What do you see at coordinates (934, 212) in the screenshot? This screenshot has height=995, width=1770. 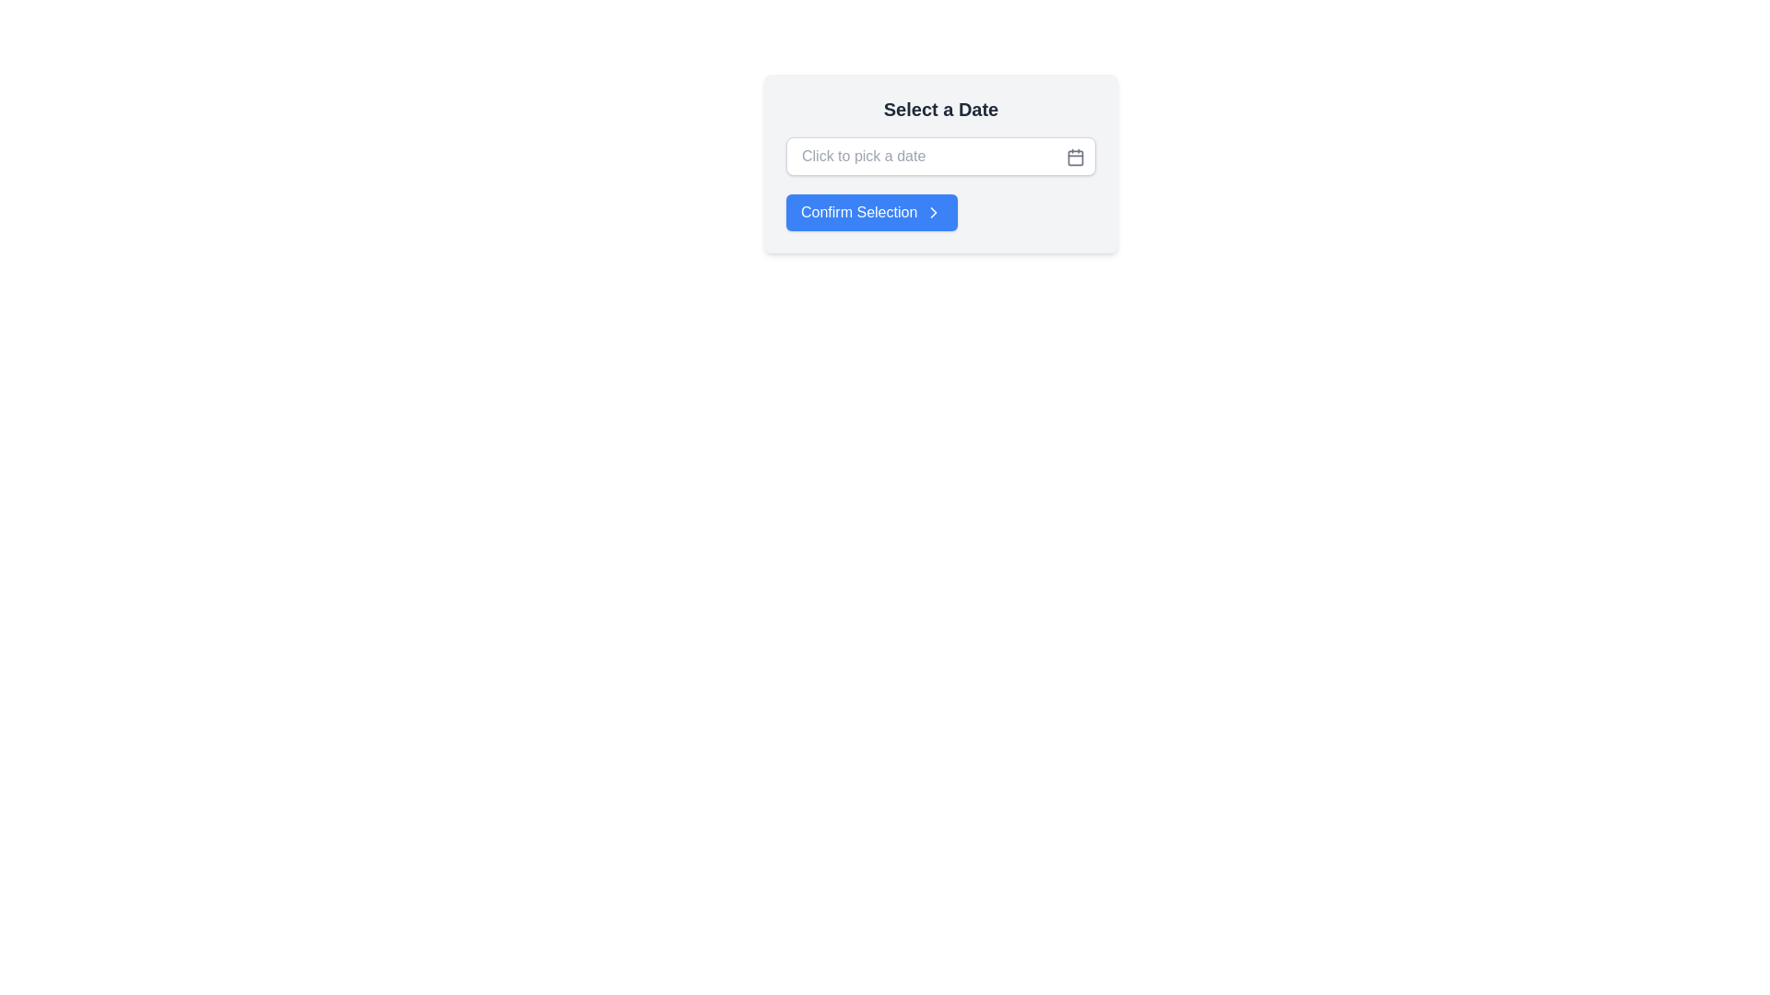 I see `the right-pointing chevron icon on the 'Confirm Selection' button, which is located below the 'Click to pick a date' input box` at bounding box center [934, 212].